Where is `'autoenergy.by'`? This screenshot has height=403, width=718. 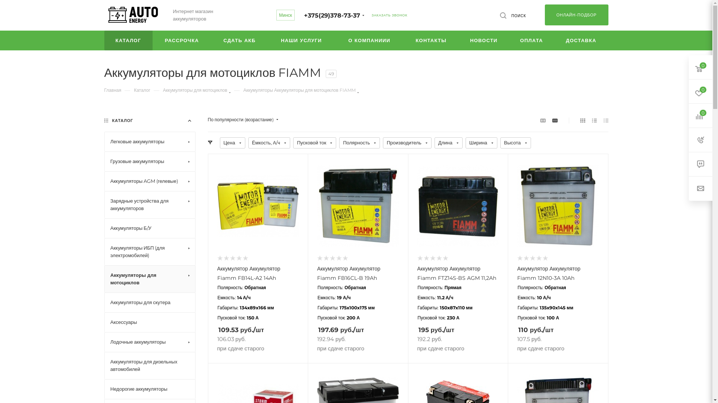 'autoenergy.by' is located at coordinates (133, 16).